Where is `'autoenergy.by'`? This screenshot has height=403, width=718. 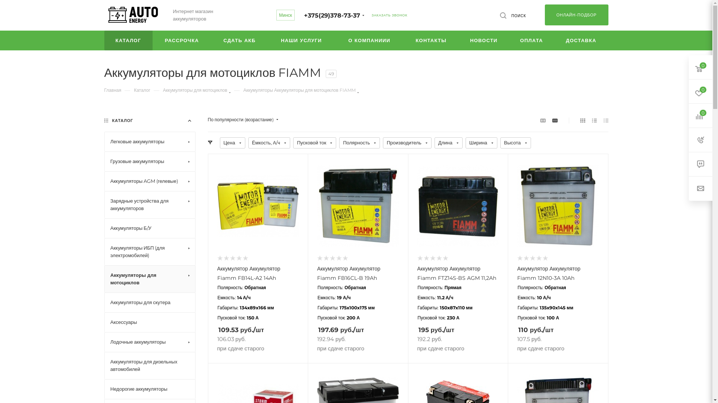 'autoenergy.by' is located at coordinates (133, 16).